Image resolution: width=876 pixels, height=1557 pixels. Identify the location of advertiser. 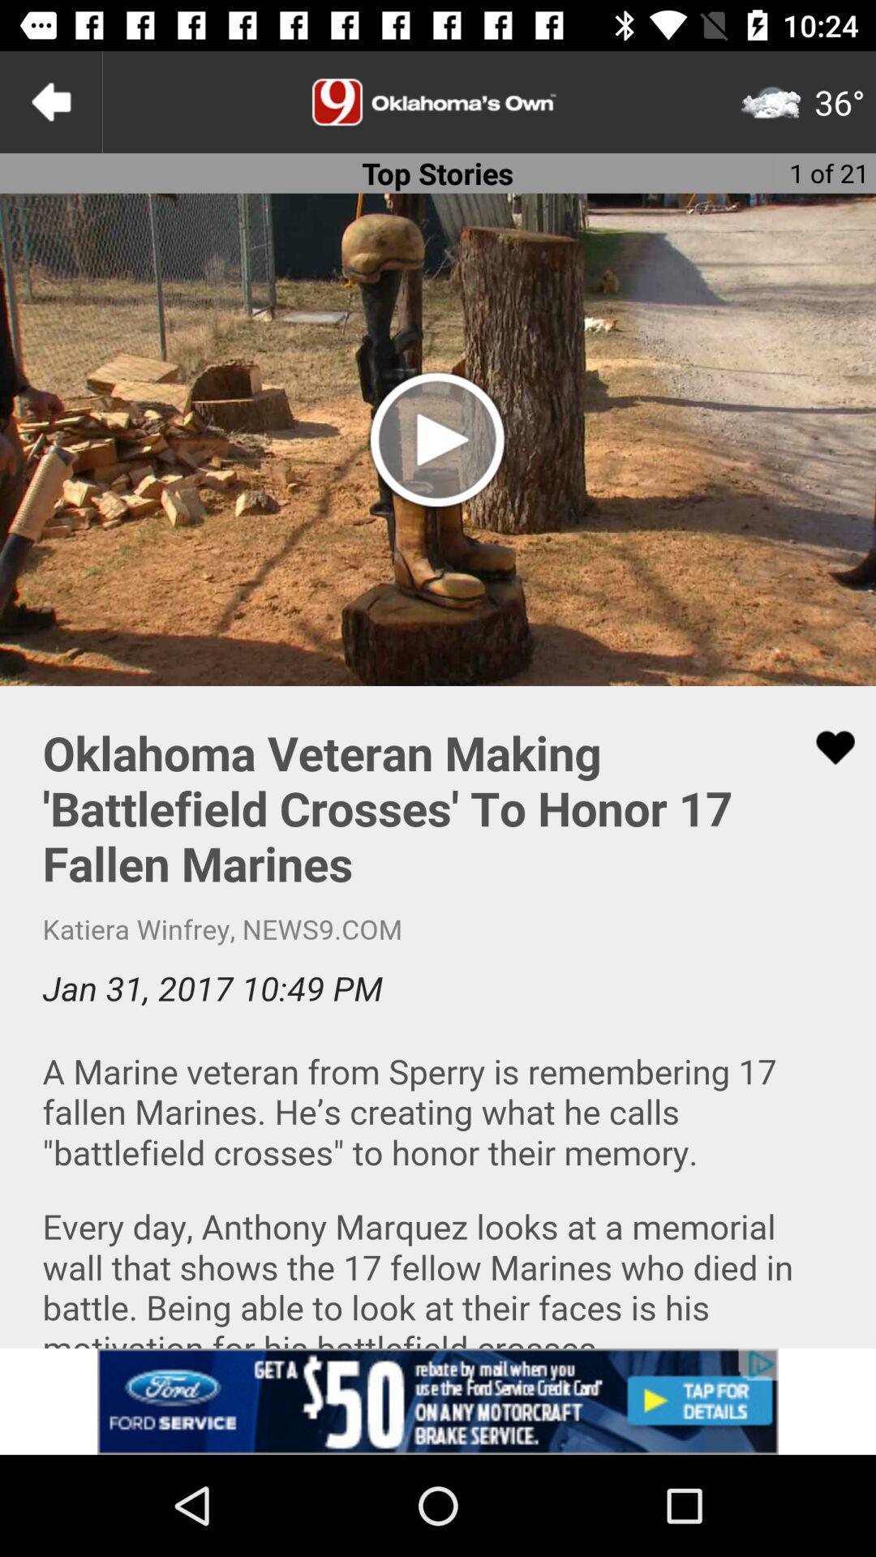
(438, 1400).